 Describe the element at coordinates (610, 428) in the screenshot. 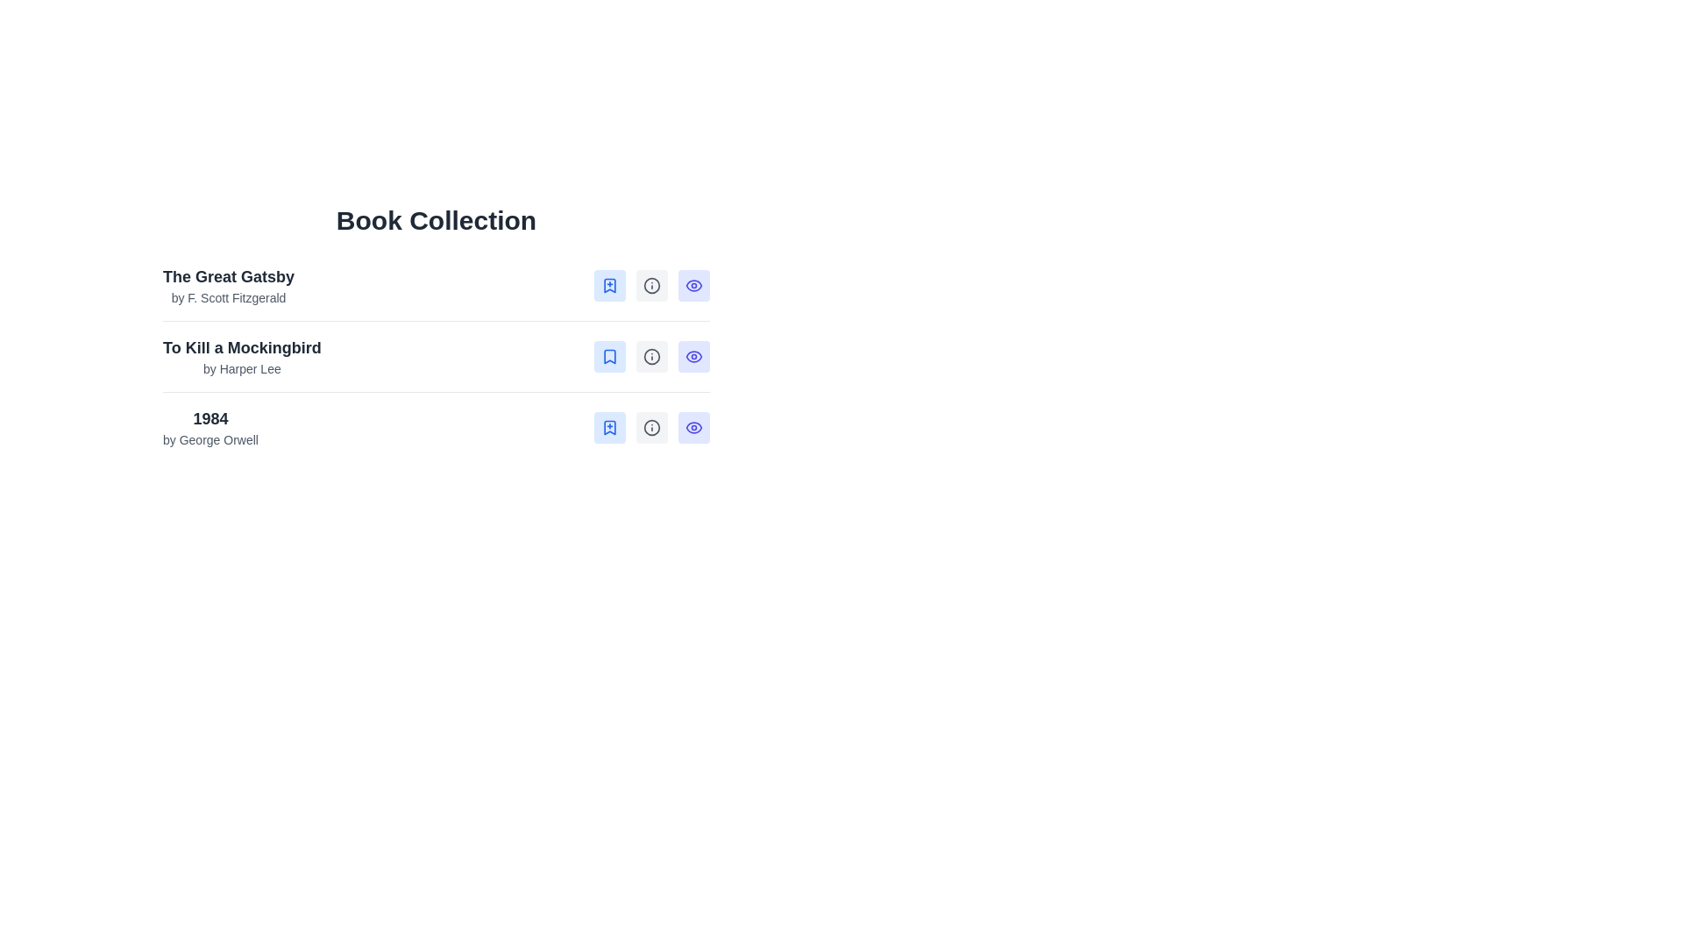

I see `the bookmark icon located on the right side of the row corresponding to the book title '1984' by George Orwell` at that location.